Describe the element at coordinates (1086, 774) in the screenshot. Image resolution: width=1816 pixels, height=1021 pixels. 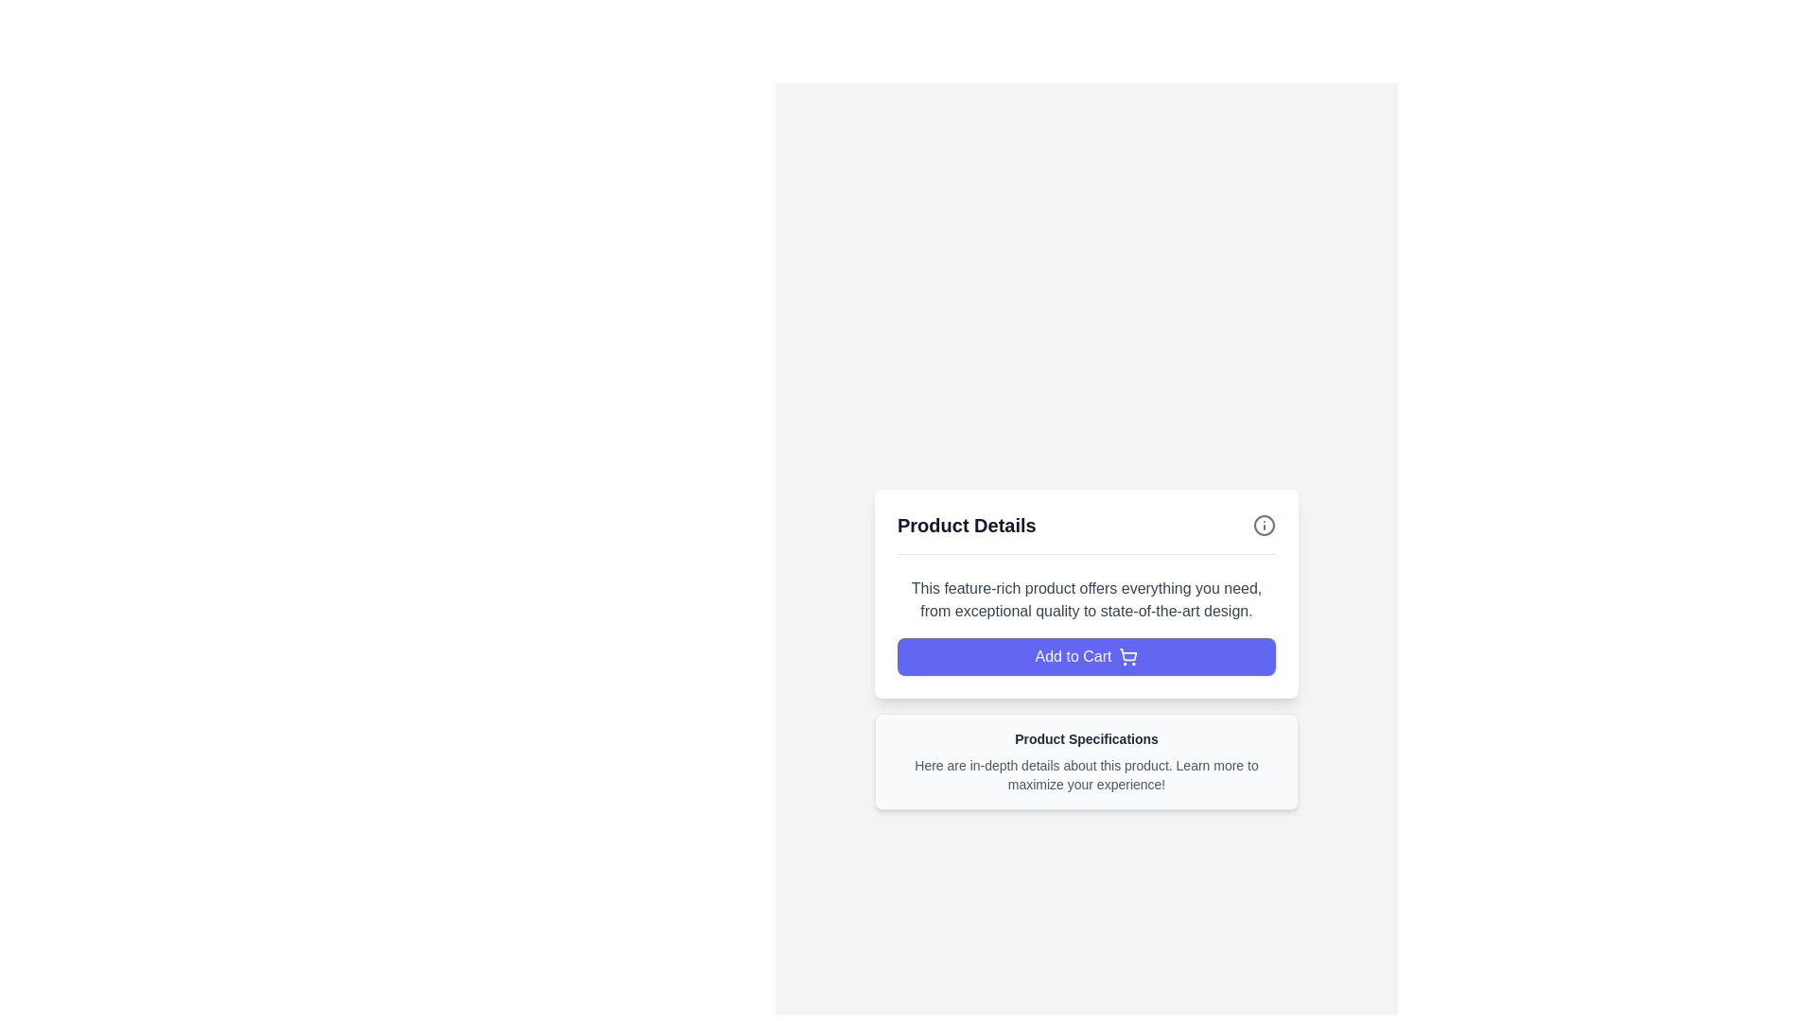
I see `static text providing additional descriptive information regarding the product, located below the 'Product Specifications' title in the gray-bordered box` at that location.